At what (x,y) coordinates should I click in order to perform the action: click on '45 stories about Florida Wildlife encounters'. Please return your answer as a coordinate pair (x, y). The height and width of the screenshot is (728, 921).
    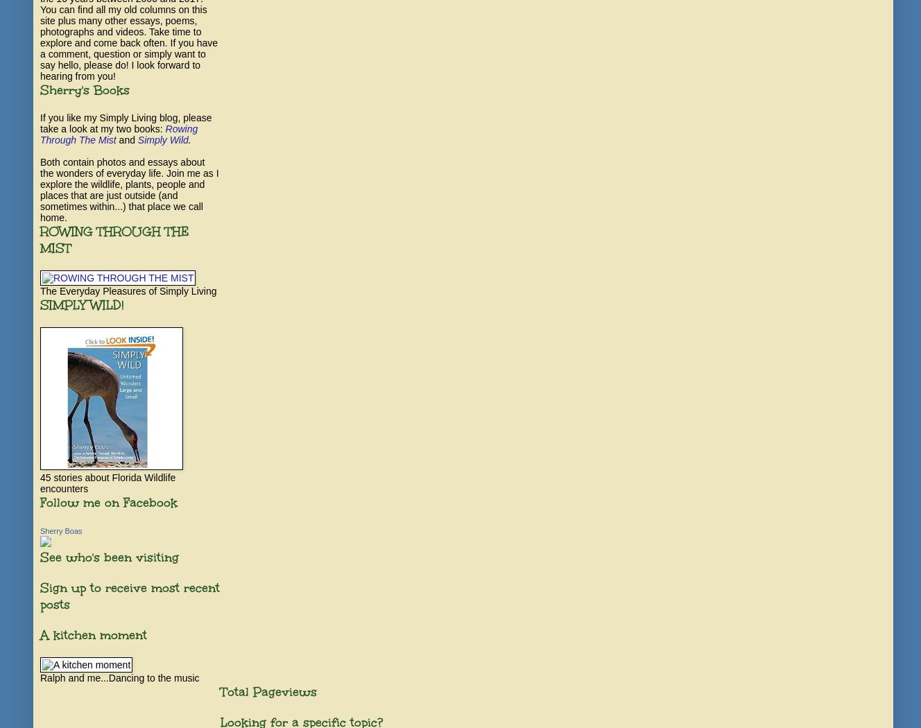
    Looking at the image, I should click on (40, 483).